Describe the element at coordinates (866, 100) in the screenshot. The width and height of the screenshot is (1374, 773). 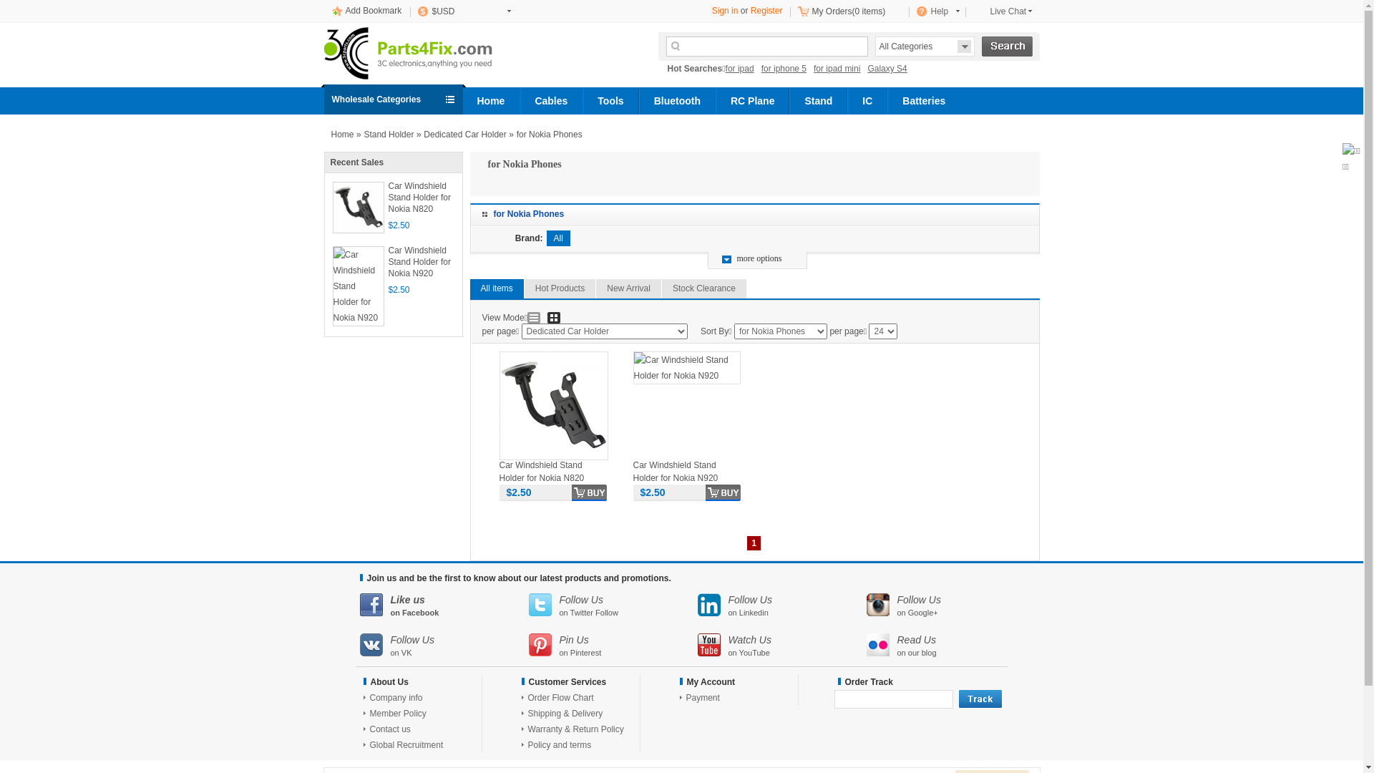
I see `'IC'` at that location.